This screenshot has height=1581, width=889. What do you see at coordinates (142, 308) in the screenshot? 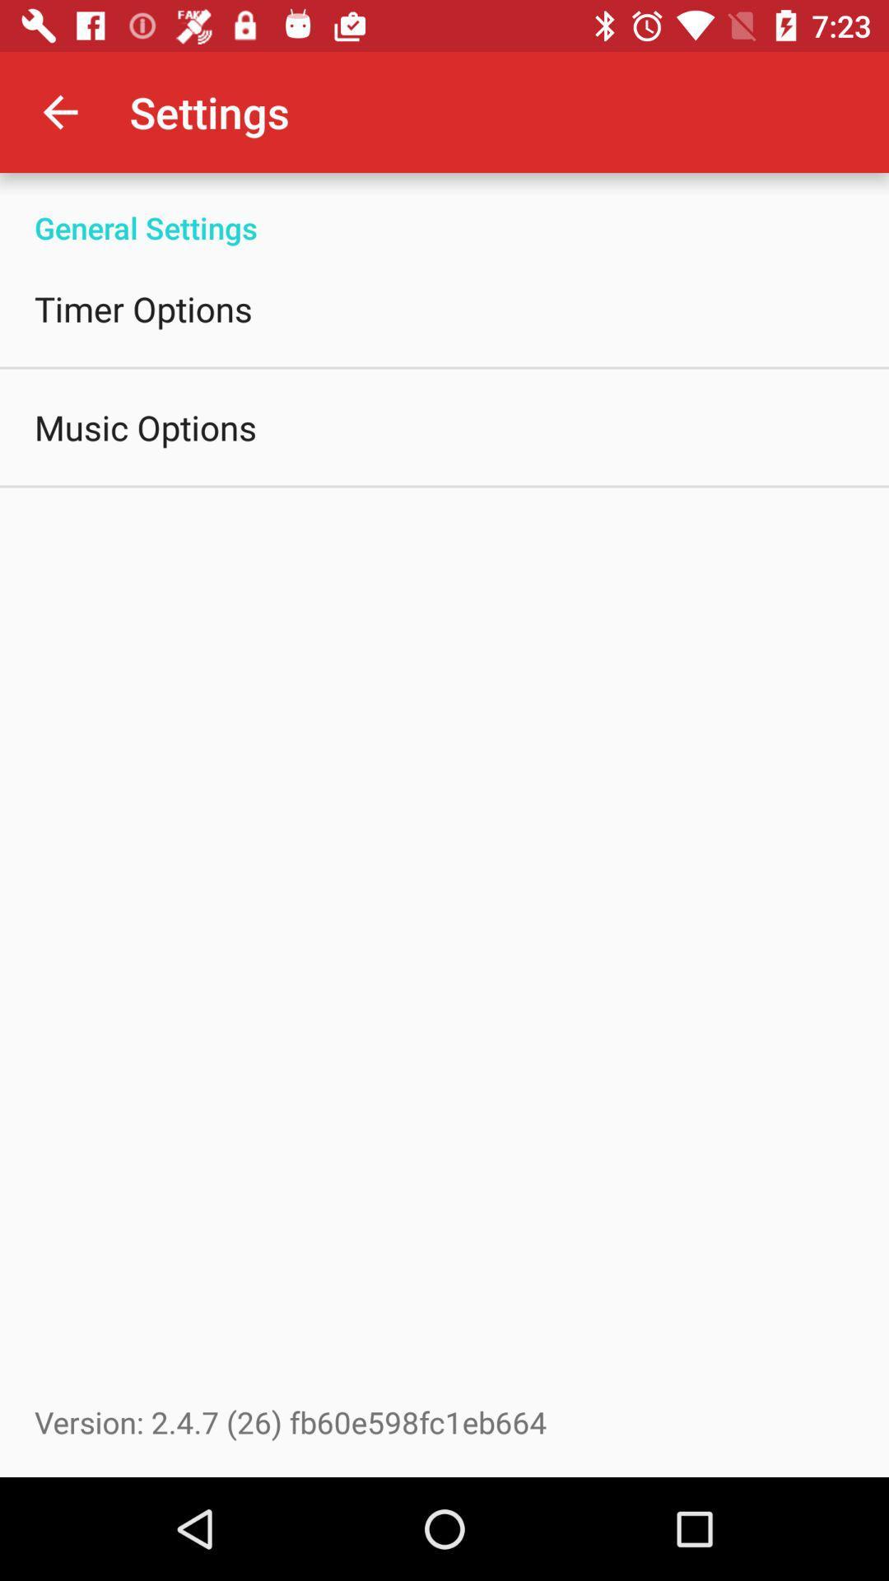
I see `the icon below the general settings item` at bounding box center [142, 308].